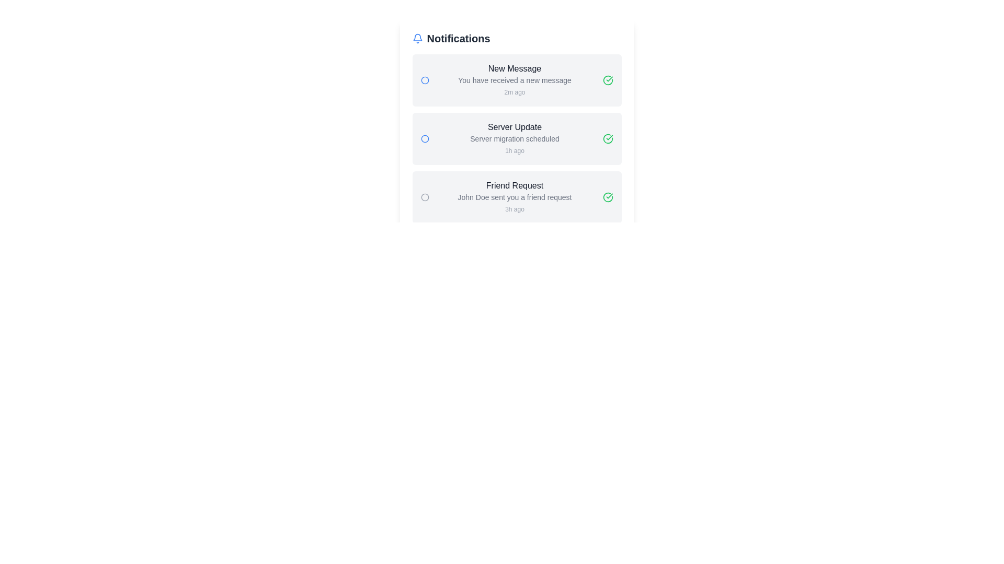 The width and height of the screenshot is (1004, 564). I want to click on the bell-shaped icon, so click(417, 38).